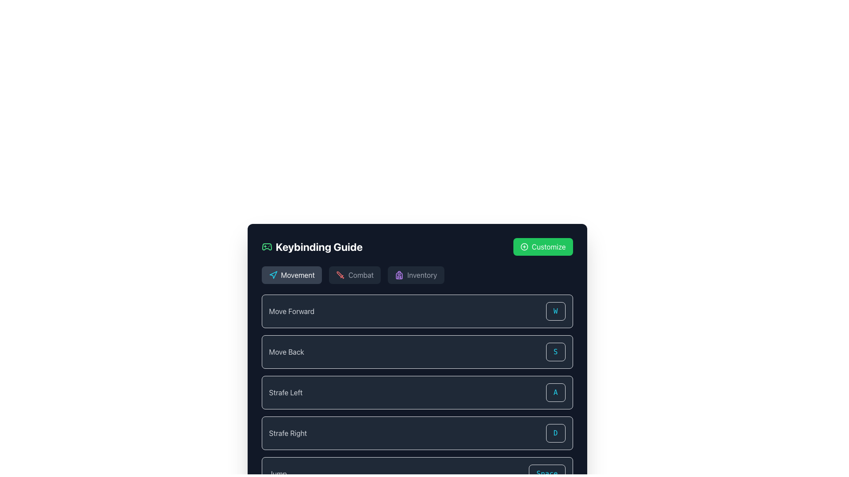 Image resolution: width=849 pixels, height=477 pixels. I want to click on the red sword icon located in the 'Combat' section of the navigation bar, so click(340, 275).